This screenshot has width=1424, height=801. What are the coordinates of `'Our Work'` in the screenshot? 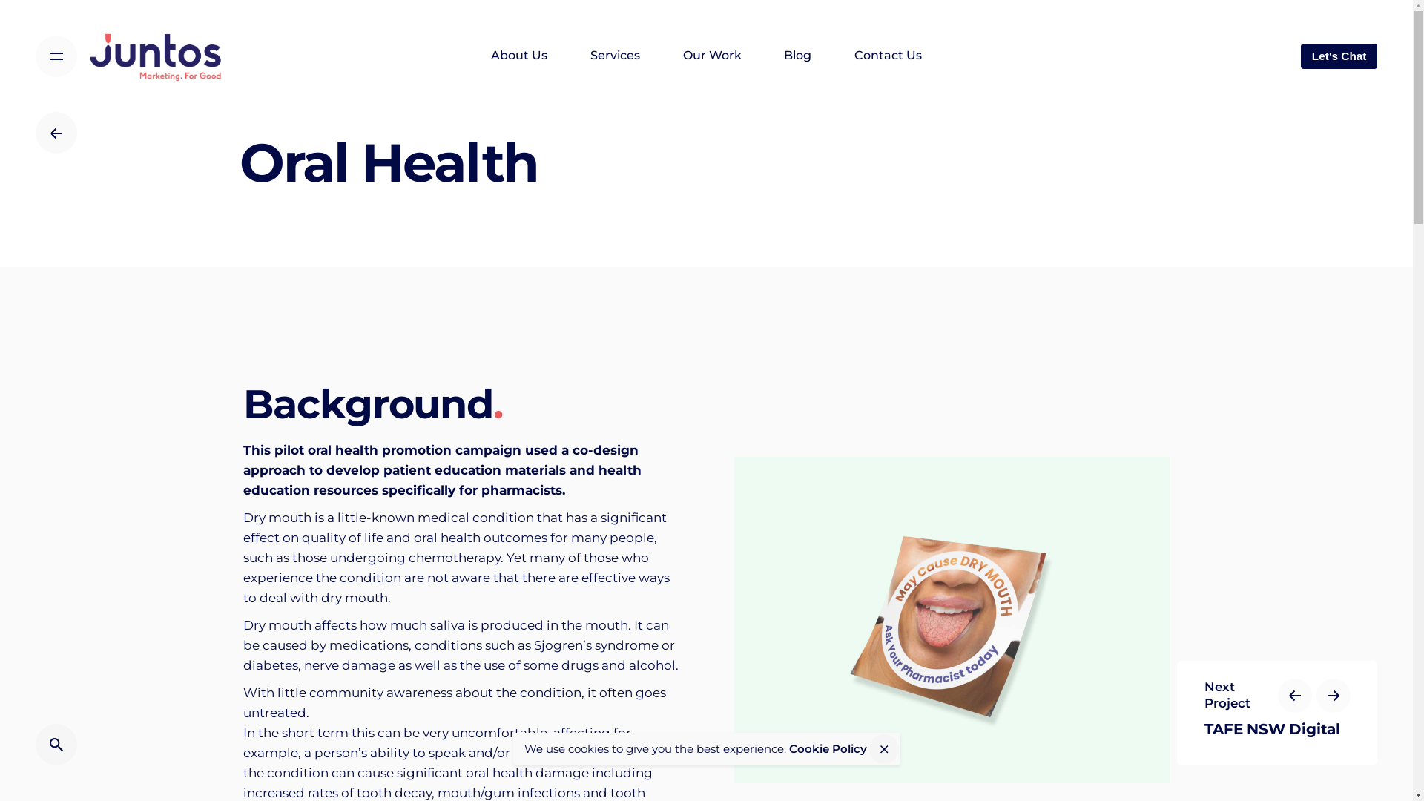 It's located at (712, 54).